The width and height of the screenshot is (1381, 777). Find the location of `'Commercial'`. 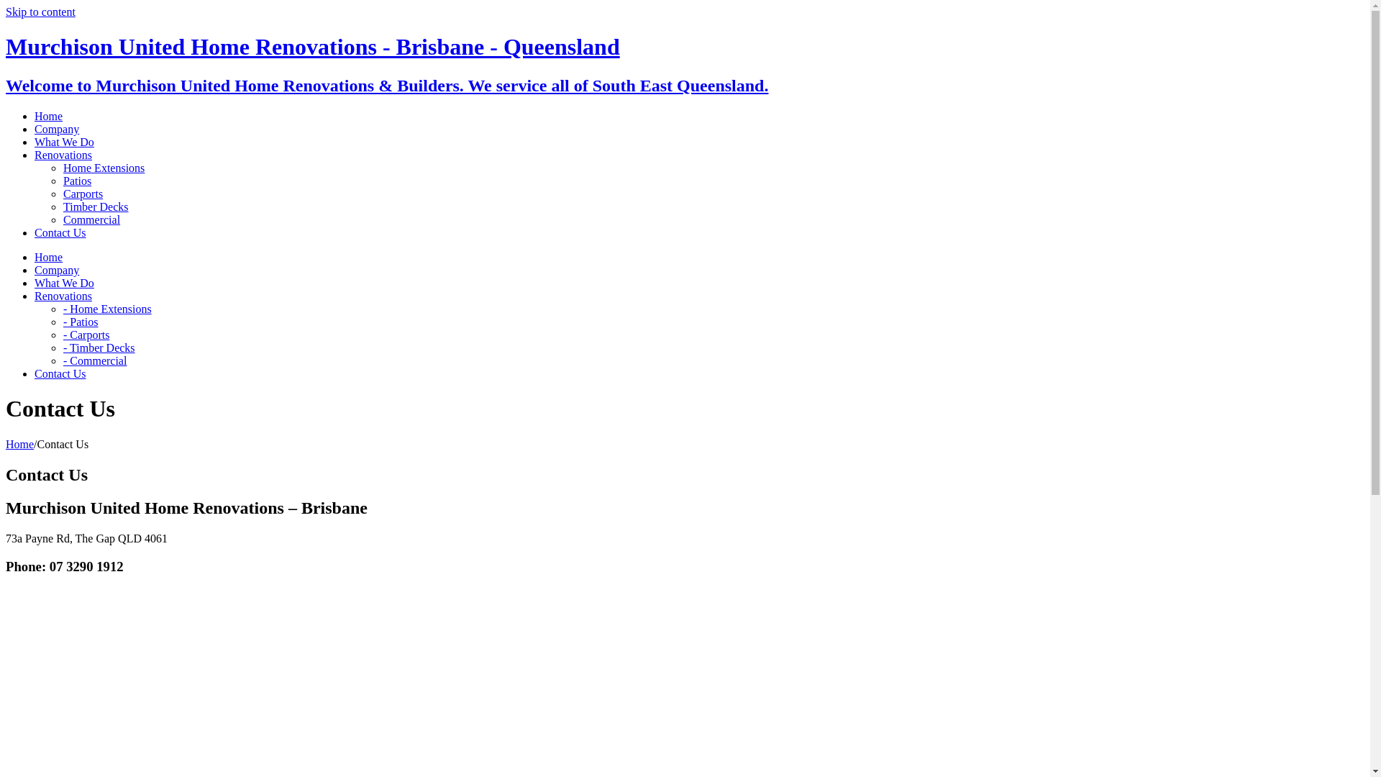

'Commercial' is located at coordinates (91, 219).